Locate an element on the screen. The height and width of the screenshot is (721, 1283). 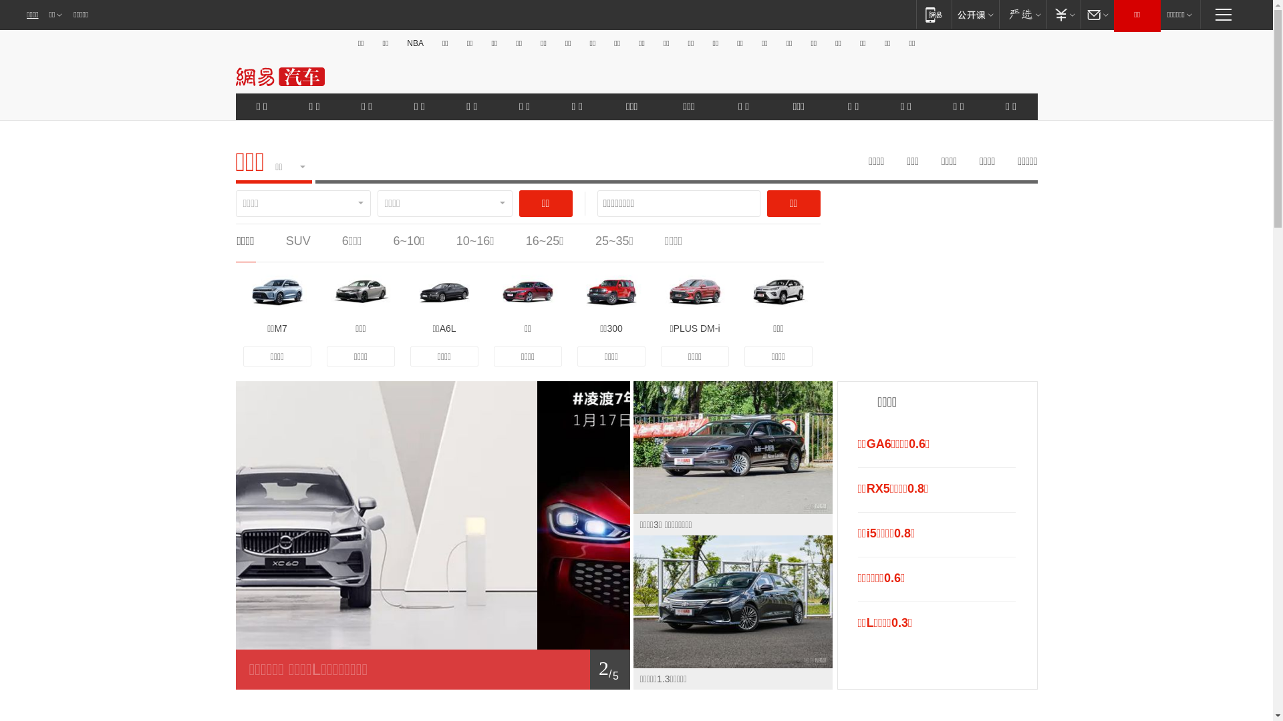
'SUV' is located at coordinates (285, 241).